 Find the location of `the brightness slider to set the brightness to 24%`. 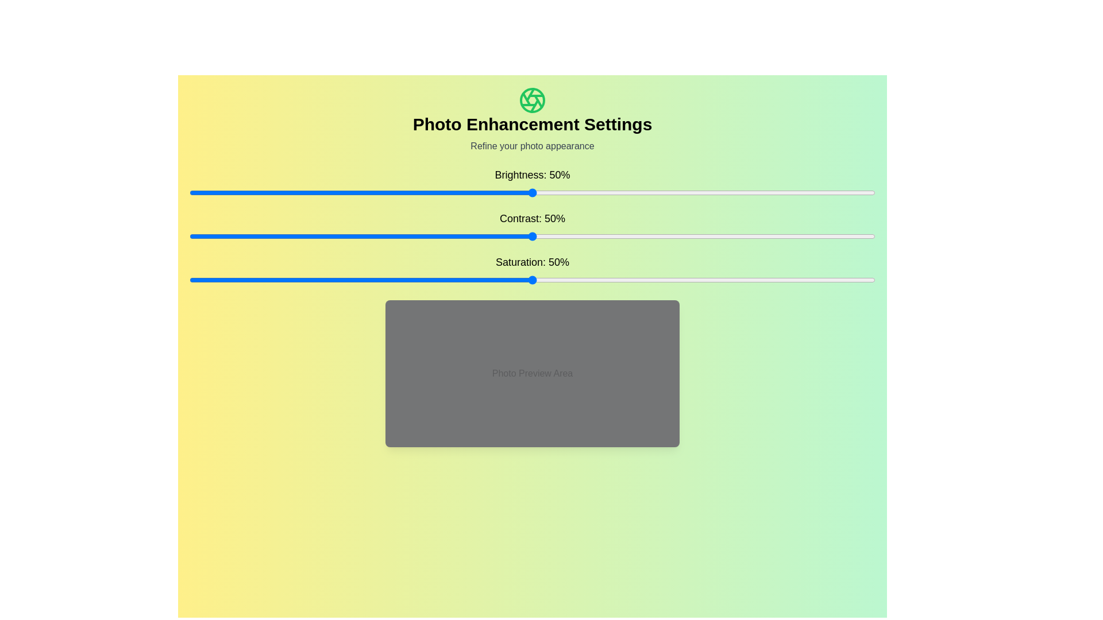

the brightness slider to set the brightness to 24% is located at coordinates (353, 192).